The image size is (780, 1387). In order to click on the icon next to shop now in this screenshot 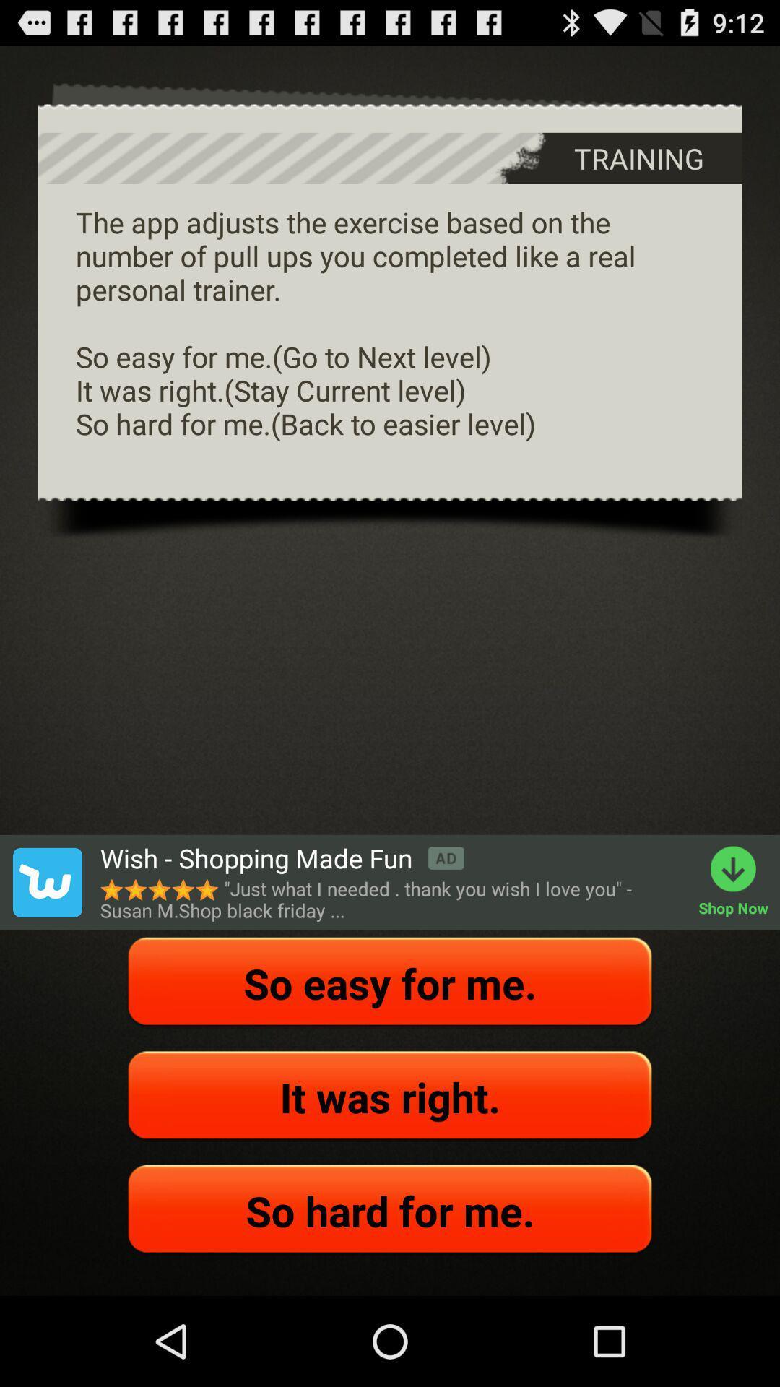, I will do `click(282, 858)`.